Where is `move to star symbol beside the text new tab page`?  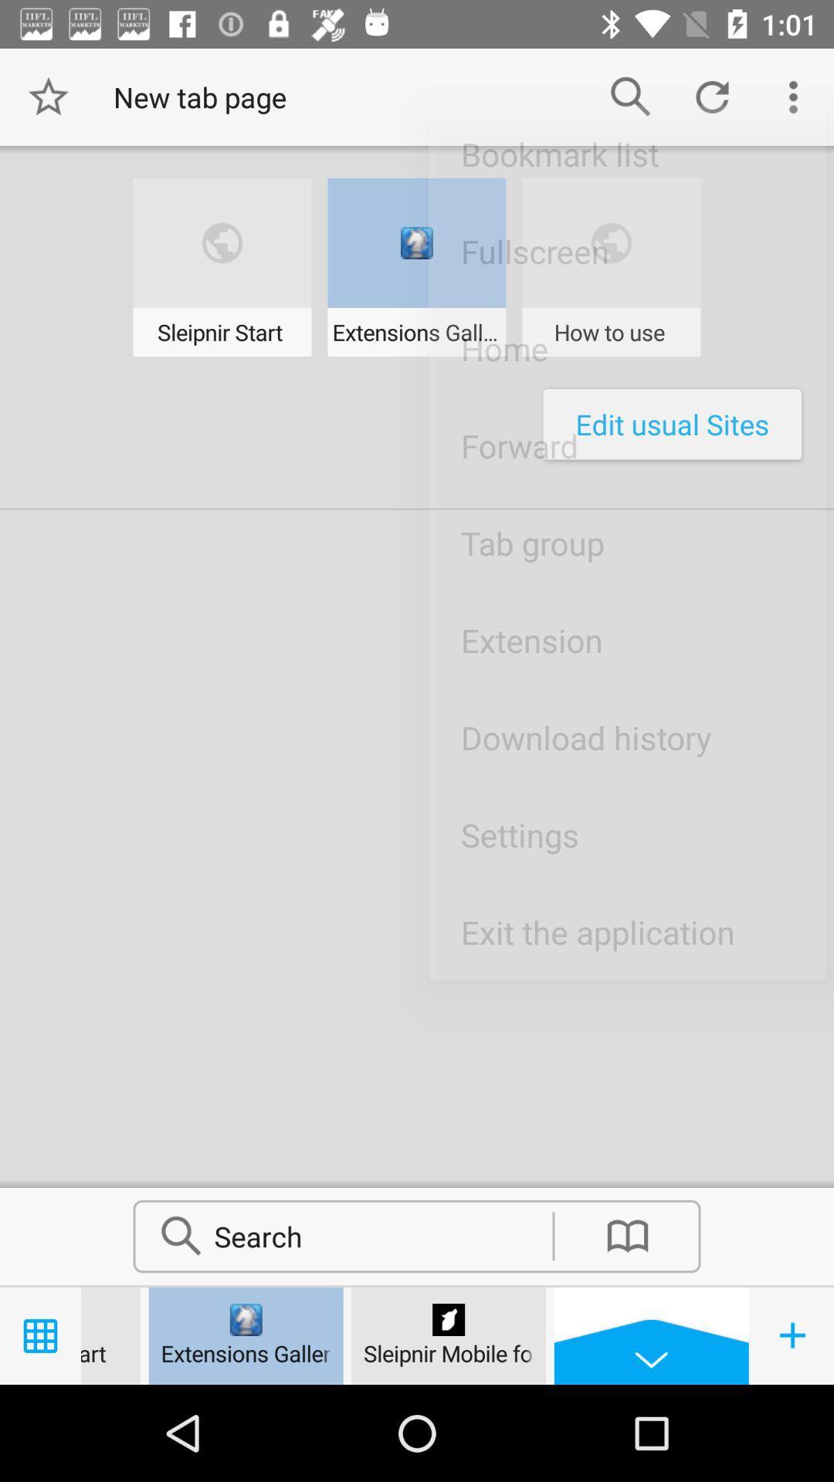
move to star symbol beside the text new tab page is located at coordinates (48, 96).